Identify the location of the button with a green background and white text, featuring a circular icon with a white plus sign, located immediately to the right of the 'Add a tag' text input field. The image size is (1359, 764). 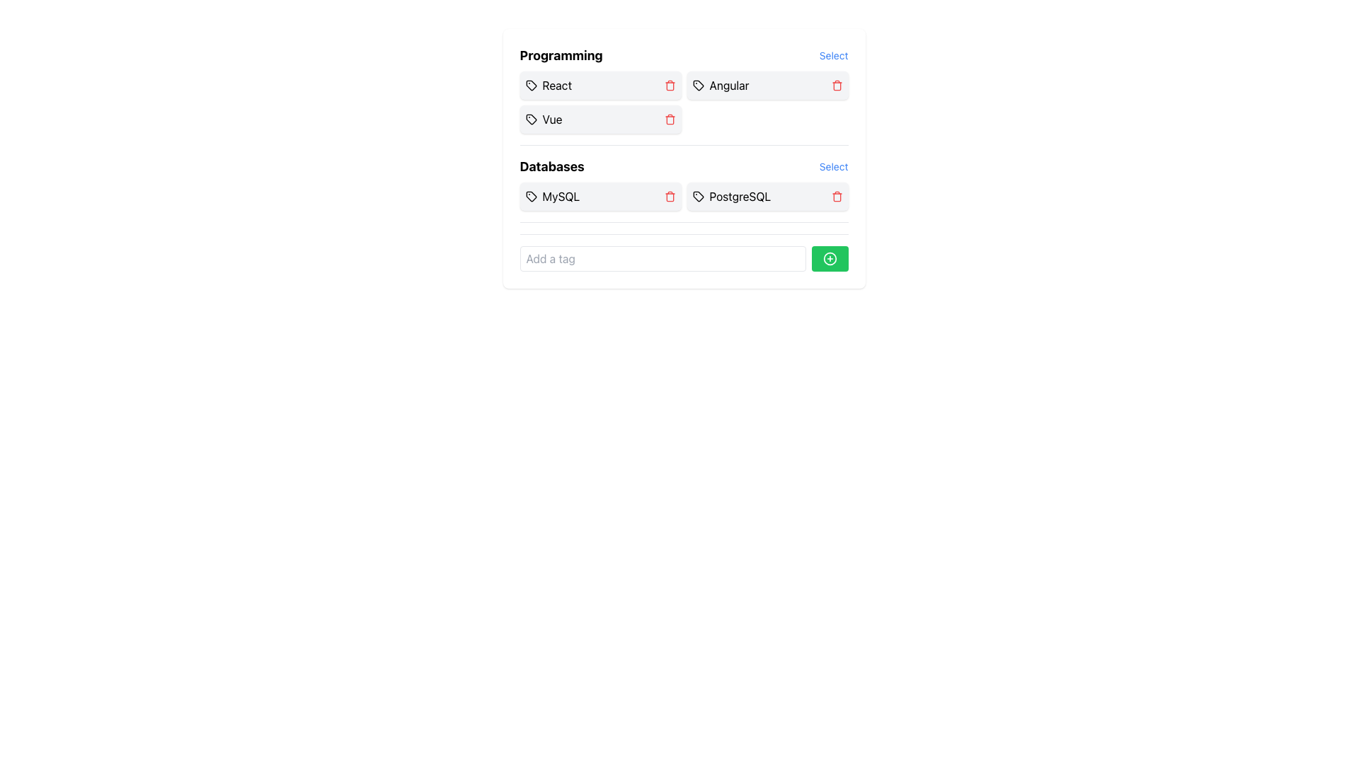
(830, 259).